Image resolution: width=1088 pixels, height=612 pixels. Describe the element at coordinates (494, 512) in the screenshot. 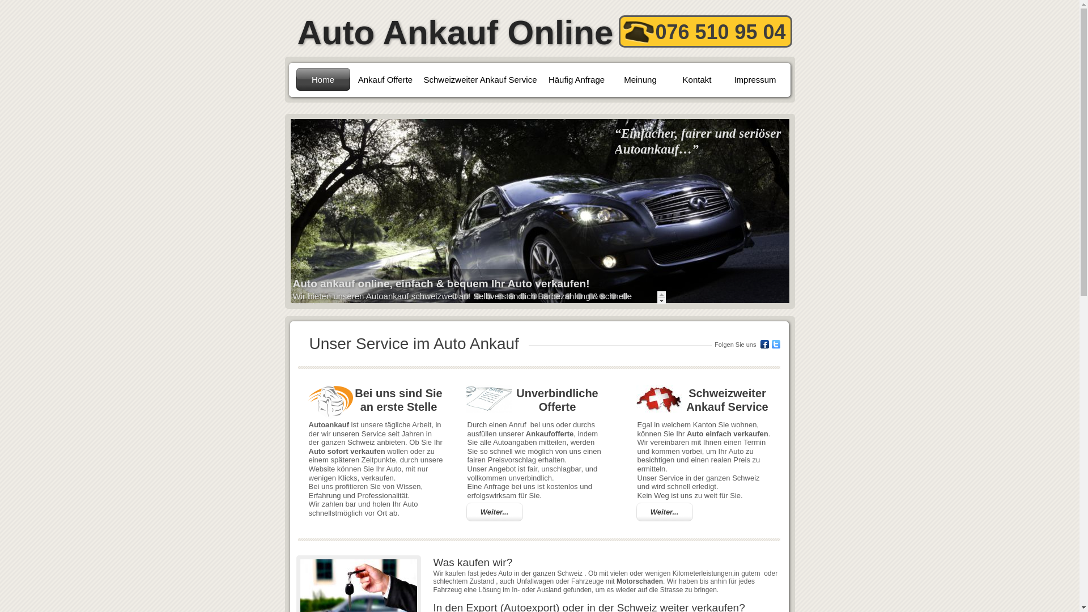

I see `'Weiter...'` at that location.